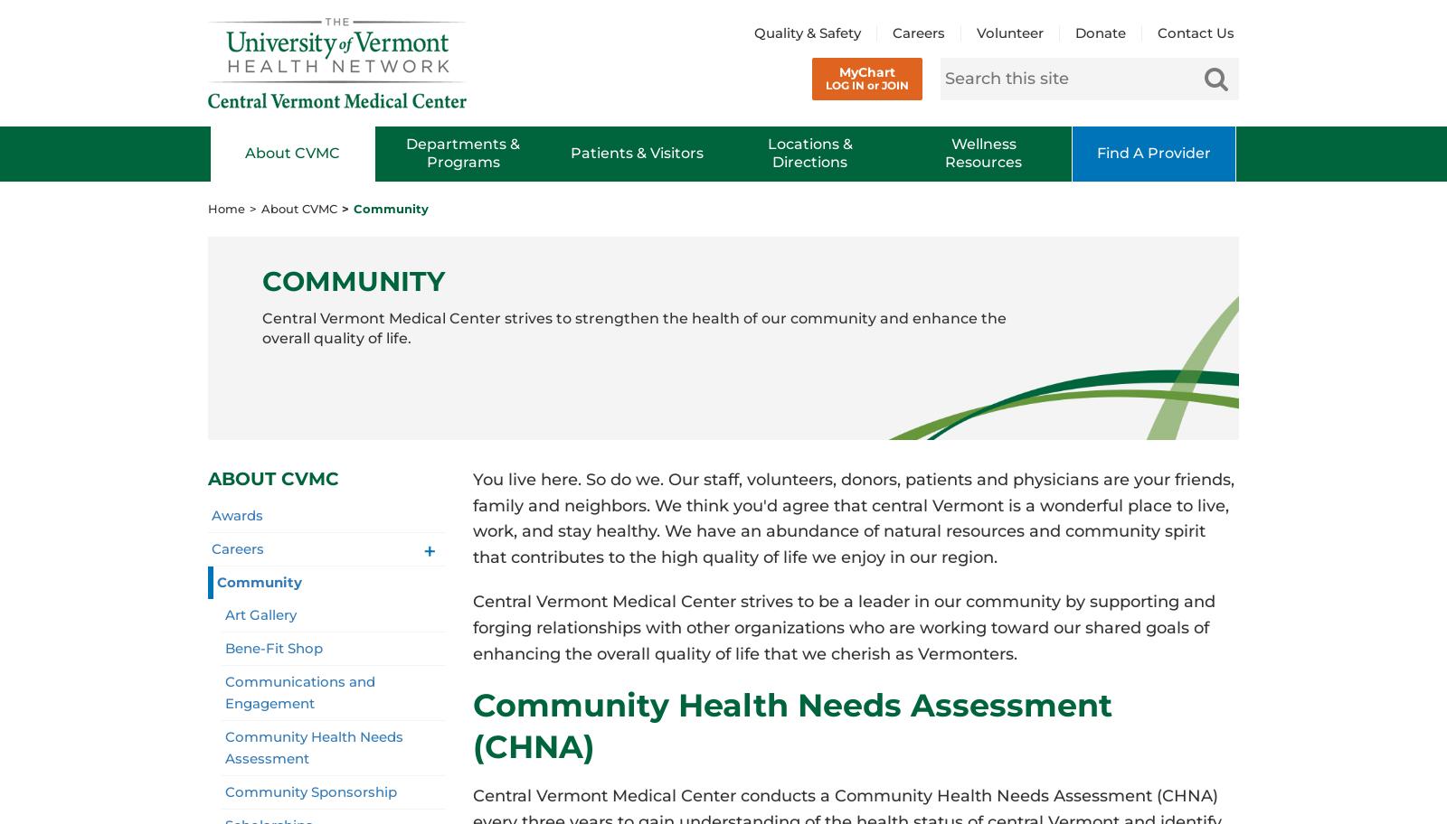  What do you see at coordinates (852, 517) in the screenshot?
I see `'You live here. So do we. Our staff, volunteers, donors, patients and physicians are your friends, family and neighbors. We think you'd agree that central Vermont is a wonderful place to live, work, and stay healthy. We have an abundance of natural resources and community spirit that contributes to the high quality of life we enjoy in our region.'` at bounding box center [852, 517].